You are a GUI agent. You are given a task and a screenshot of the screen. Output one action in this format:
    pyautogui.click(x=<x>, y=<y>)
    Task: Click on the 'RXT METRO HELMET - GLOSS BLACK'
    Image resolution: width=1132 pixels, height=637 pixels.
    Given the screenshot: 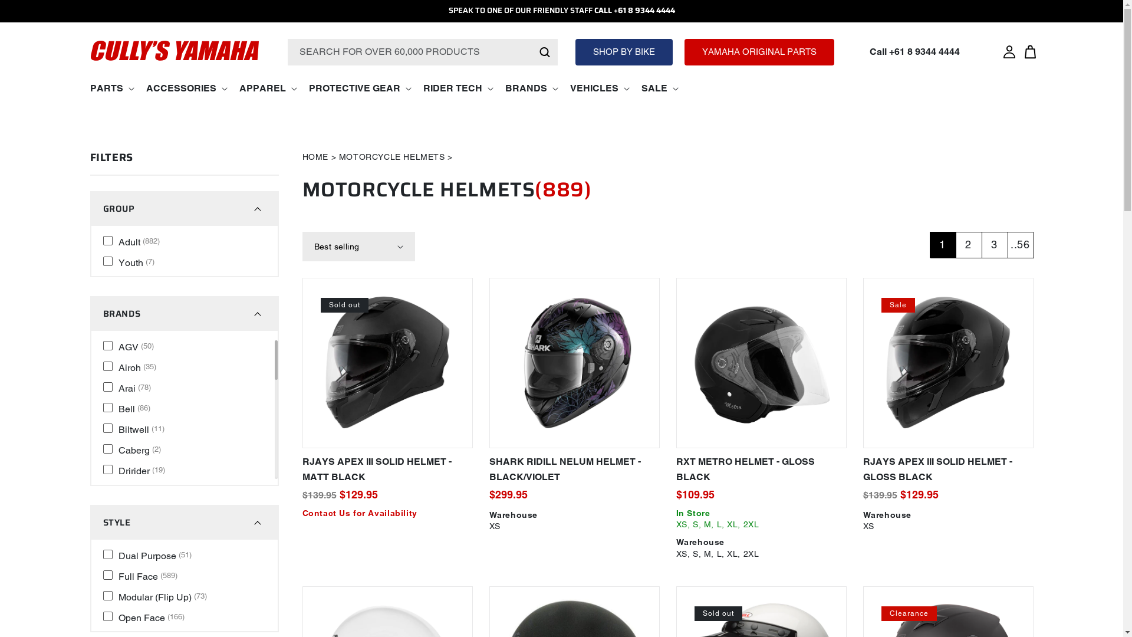 What is the action you would take?
    pyautogui.click(x=761, y=469)
    